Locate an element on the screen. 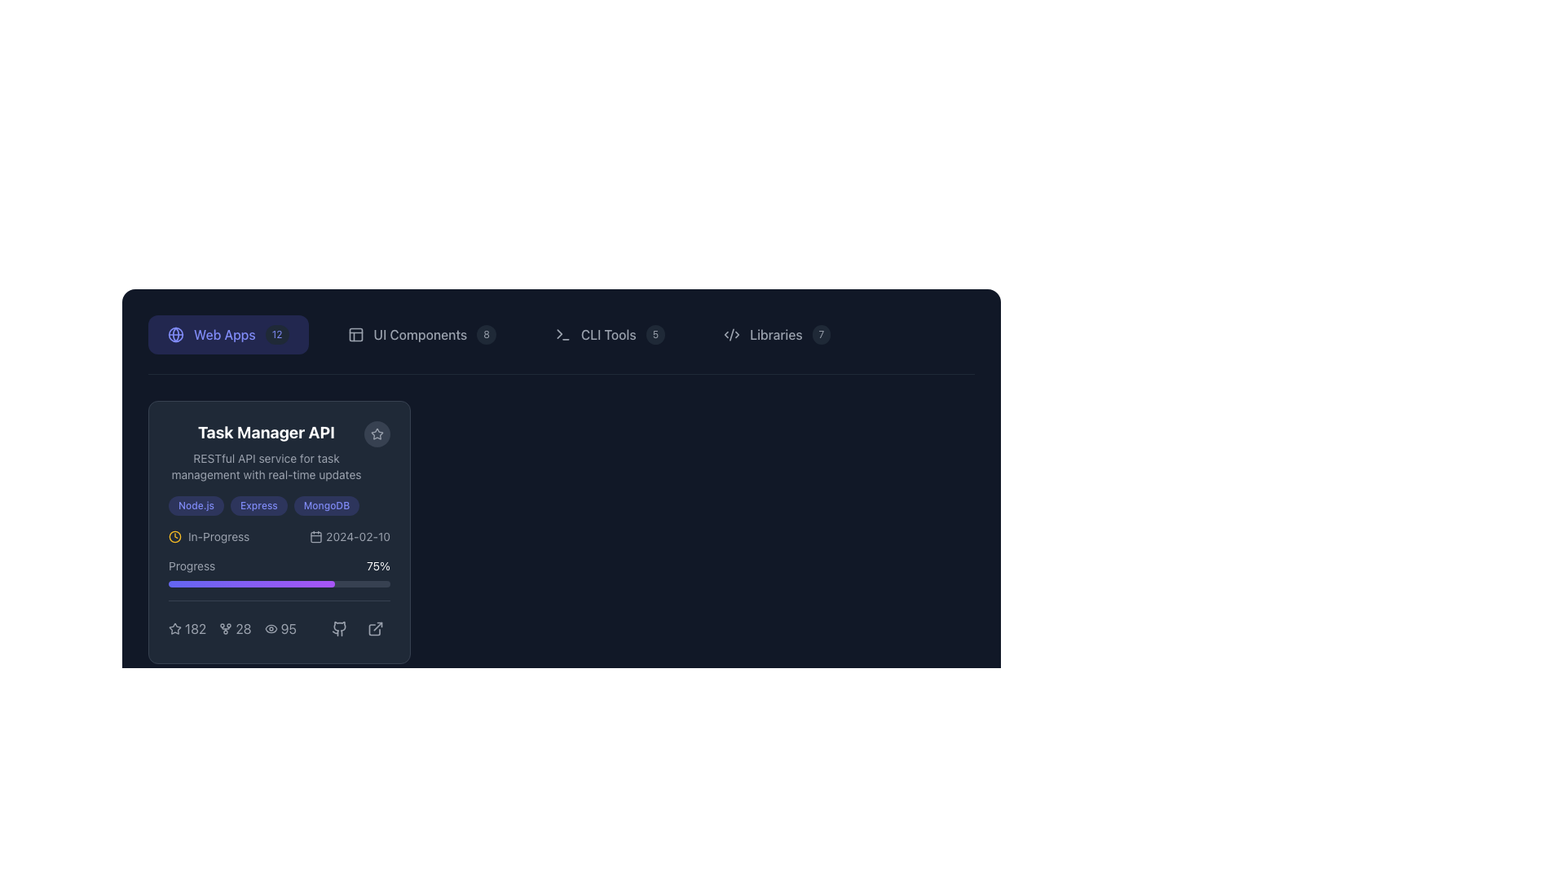 The width and height of the screenshot is (1565, 880). the static text displaying the date '2024-02-10', which is styled in light gray and aligned horizontally, located to the right of a calendar icon within a card-like component is located at coordinates (357, 537).